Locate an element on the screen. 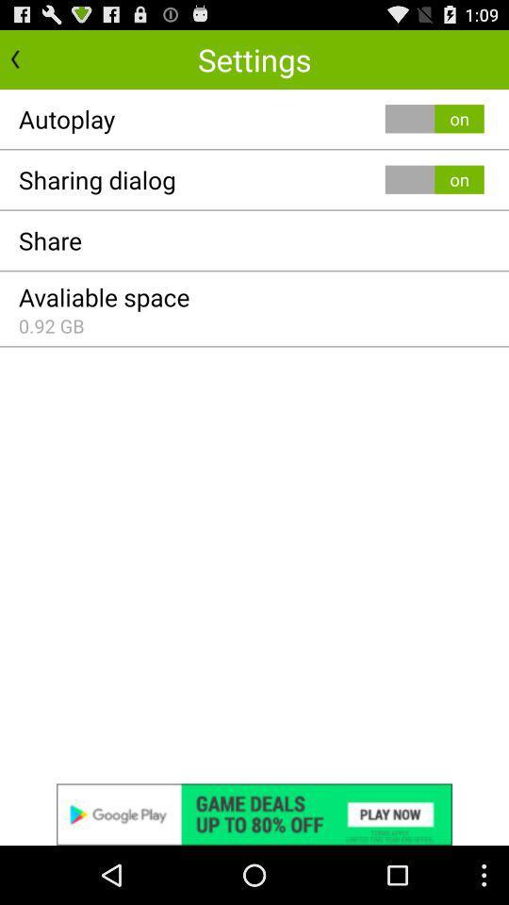 The width and height of the screenshot is (509, 905). previous is located at coordinates (34, 58).